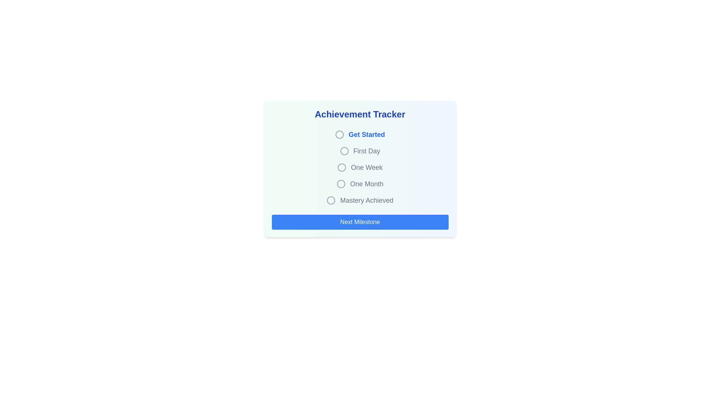 The width and height of the screenshot is (719, 404). What do you see at coordinates (360, 134) in the screenshot?
I see `the unselected radio button icon next to the 'Get Started' label` at bounding box center [360, 134].